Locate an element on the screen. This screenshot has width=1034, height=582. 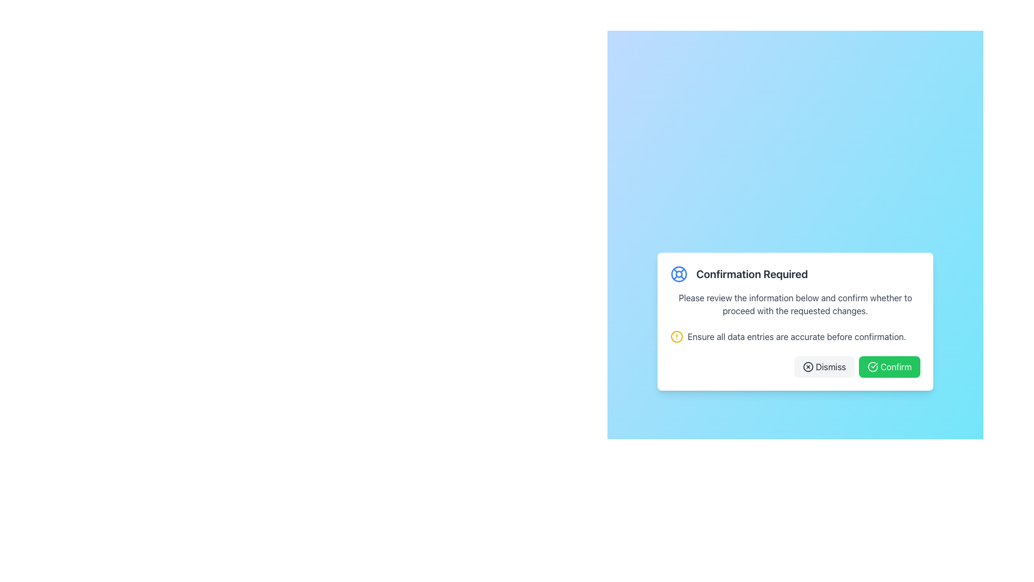
the static text element that provides instructions within the modal dialog box, located below the title 'Confirmation Required' is located at coordinates (795, 304).